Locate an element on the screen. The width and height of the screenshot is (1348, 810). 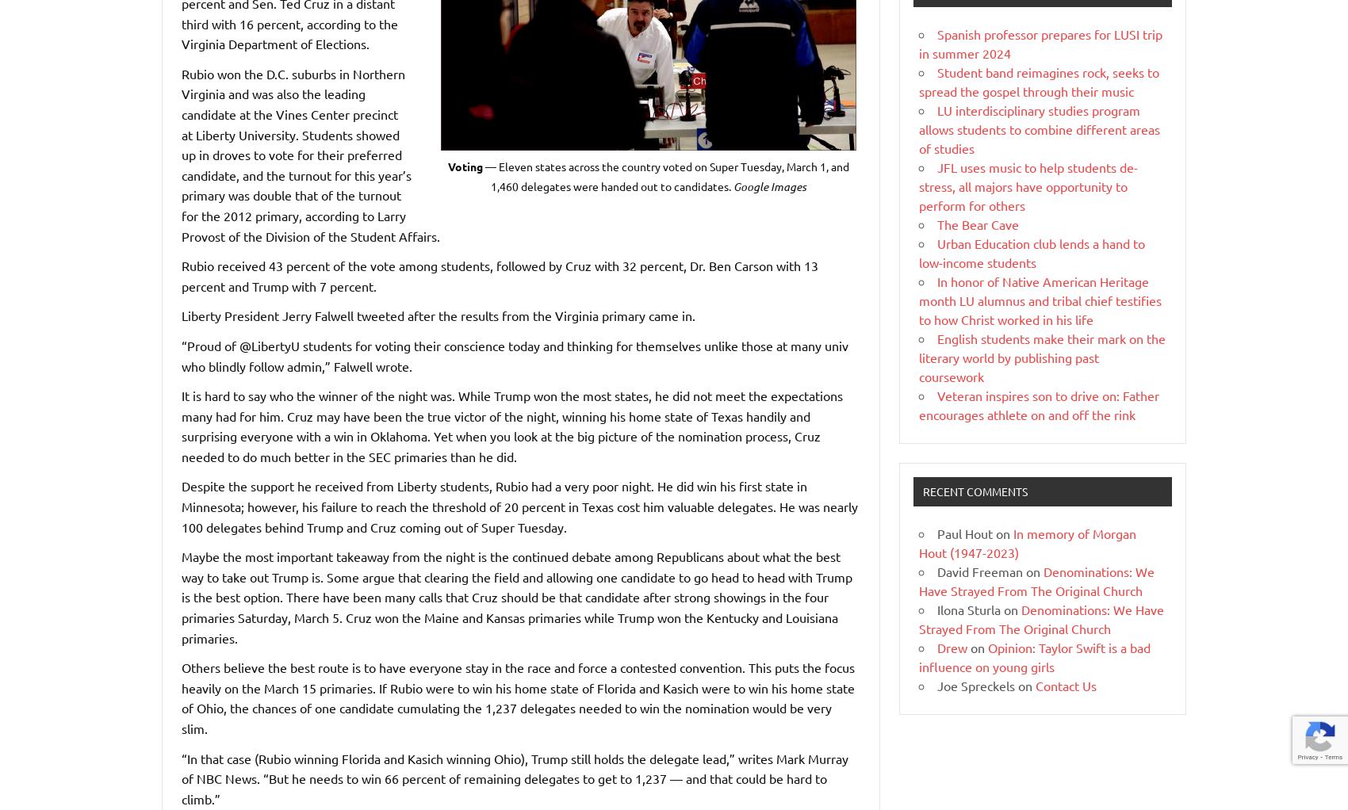
'Paul Hout' is located at coordinates (964, 531).